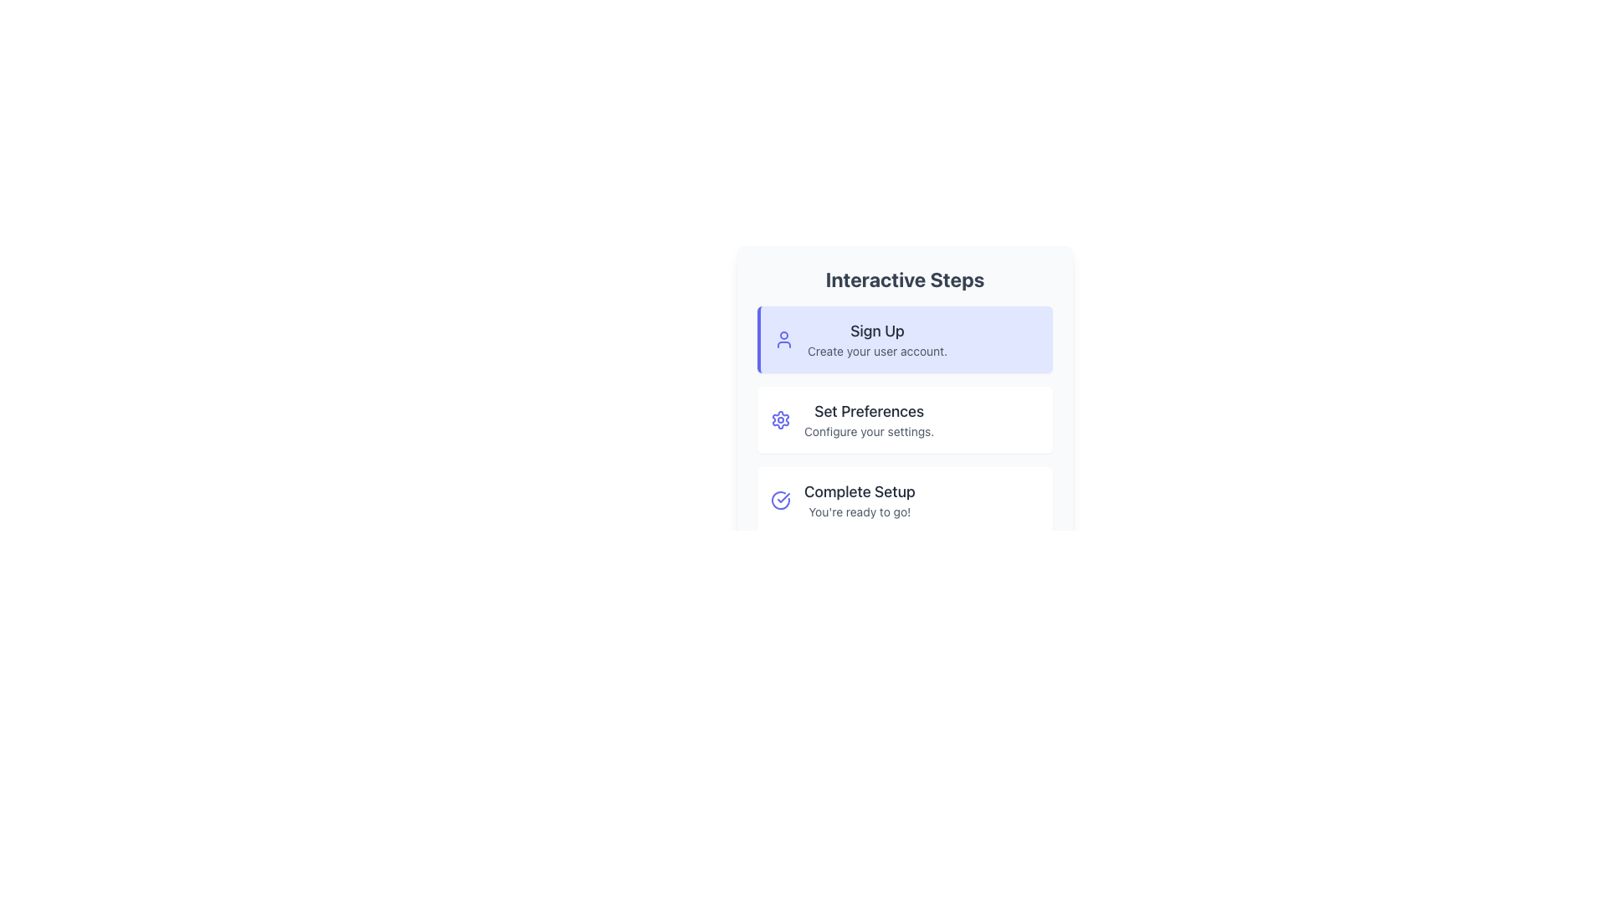 This screenshot has height=904, width=1607. I want to click on the 'Sign Up' header text label, which is styled in large bold font and is positioned at the top of the step-by-step guide interface, above the subheader 'Create your user account.', so click(876, 331).